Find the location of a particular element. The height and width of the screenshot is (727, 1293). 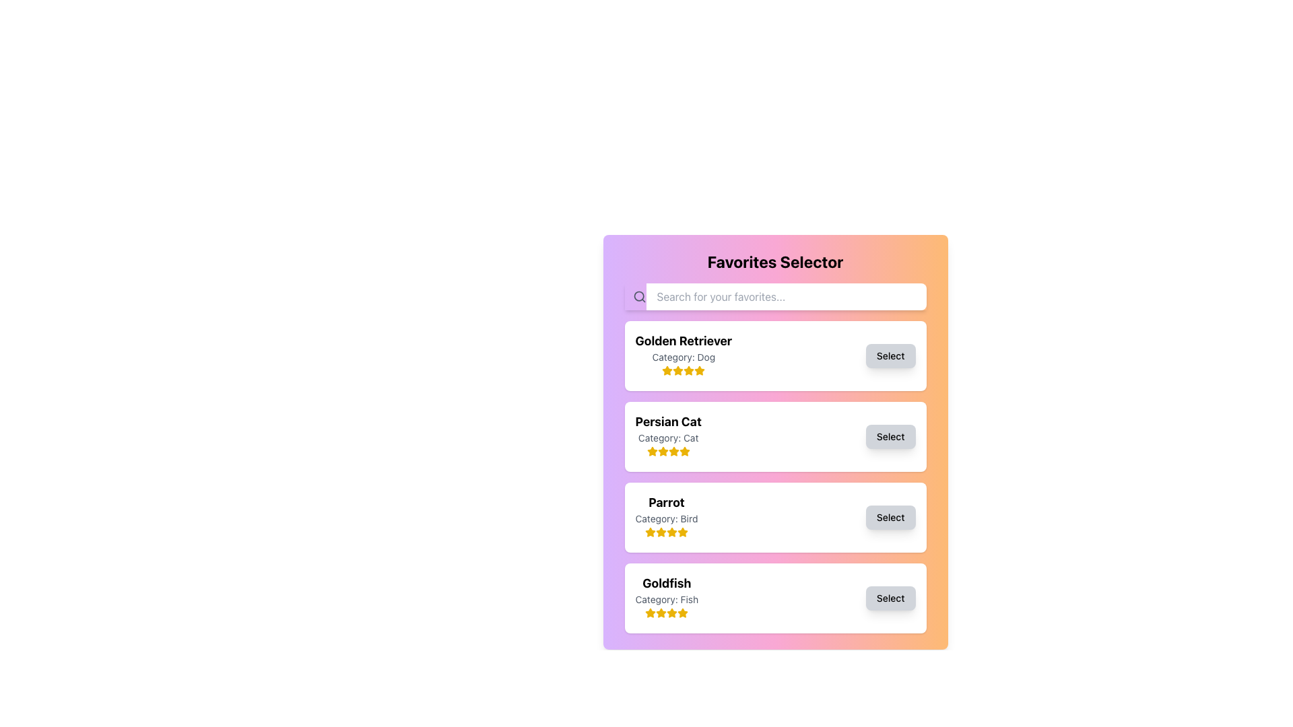

the fourth star icon in the rating display for 'Persian Cat', which is a yellow star-like shape used for ratings is located at coordinates (663, 451).